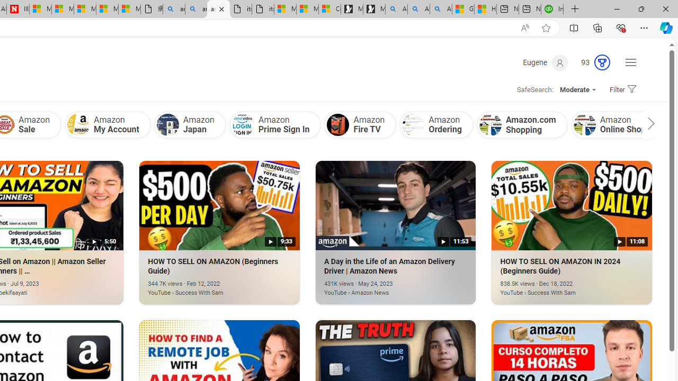 The image size is (678, 381). What do you see at coordinates (602, 62) in the screenshot?
I see `'AutomationID: rh_meter'` at bounding box center [602, 62].